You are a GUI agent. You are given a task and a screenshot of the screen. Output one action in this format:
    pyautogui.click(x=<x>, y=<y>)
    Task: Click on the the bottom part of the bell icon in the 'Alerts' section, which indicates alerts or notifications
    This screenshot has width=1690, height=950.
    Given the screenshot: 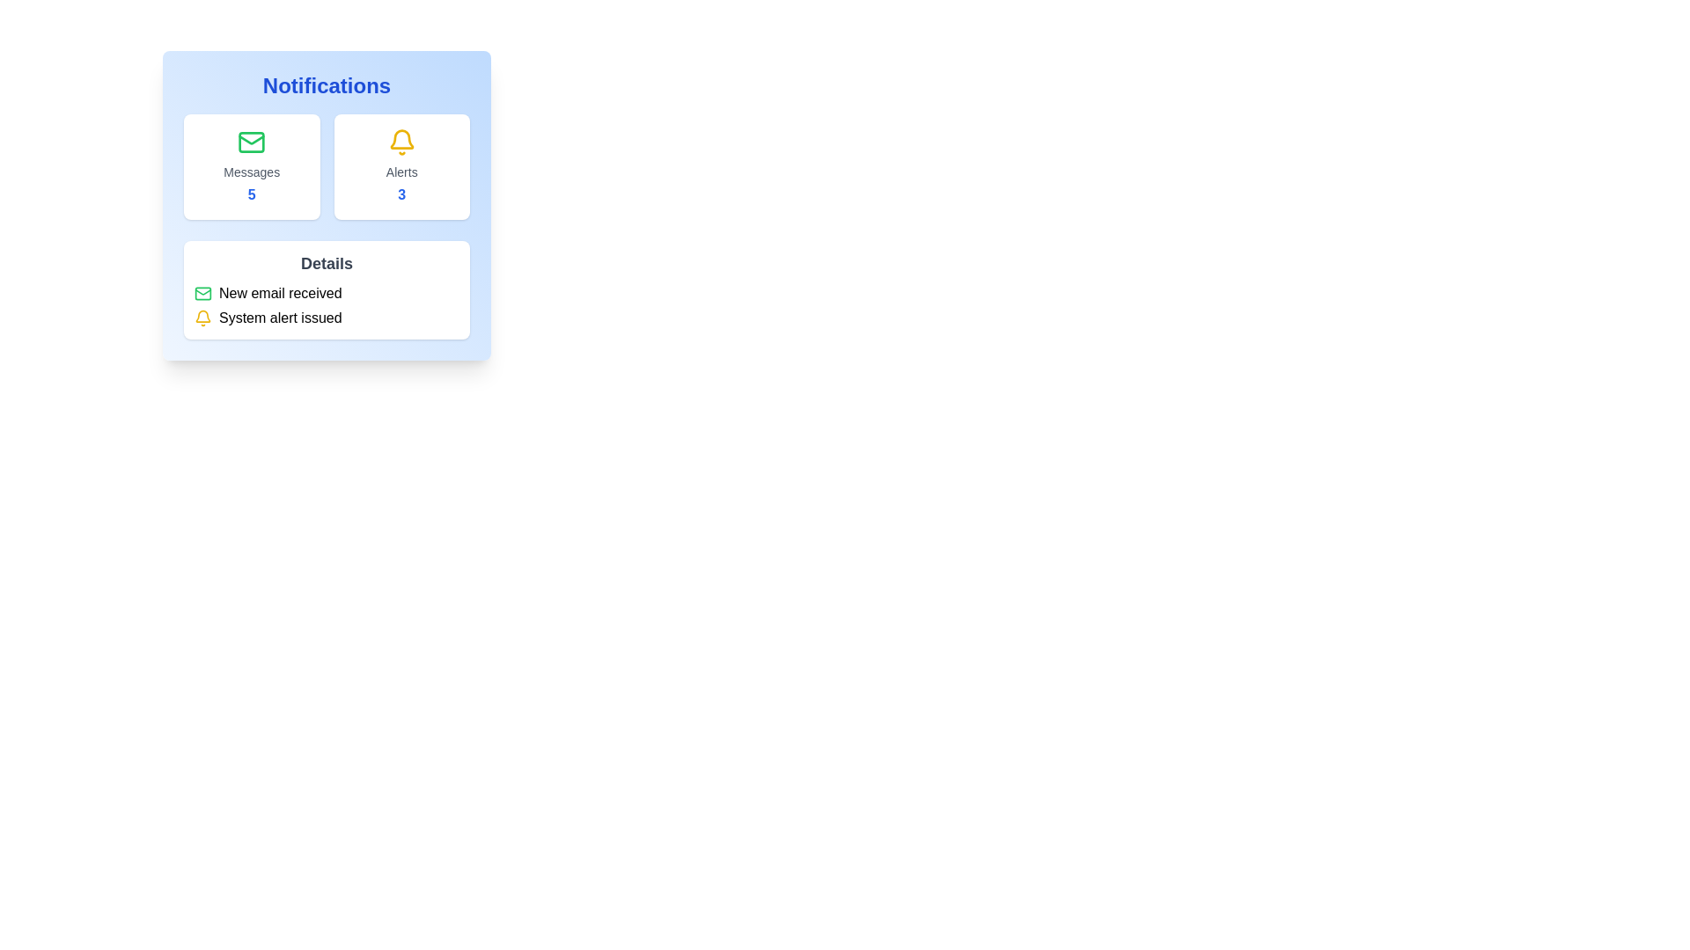 What is the action you would take?
    pyautogui.click(x=400, y=138)
    